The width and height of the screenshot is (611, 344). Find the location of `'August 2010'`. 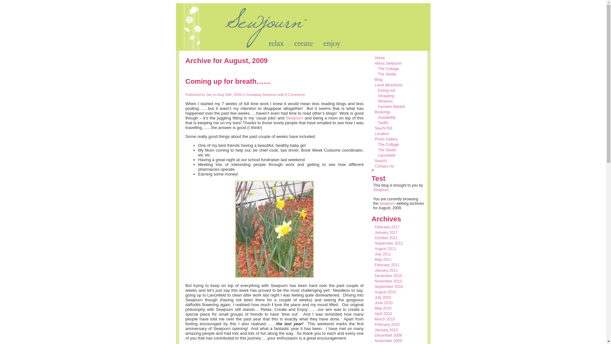

'August 2010' is located at coordinates (385, 292).